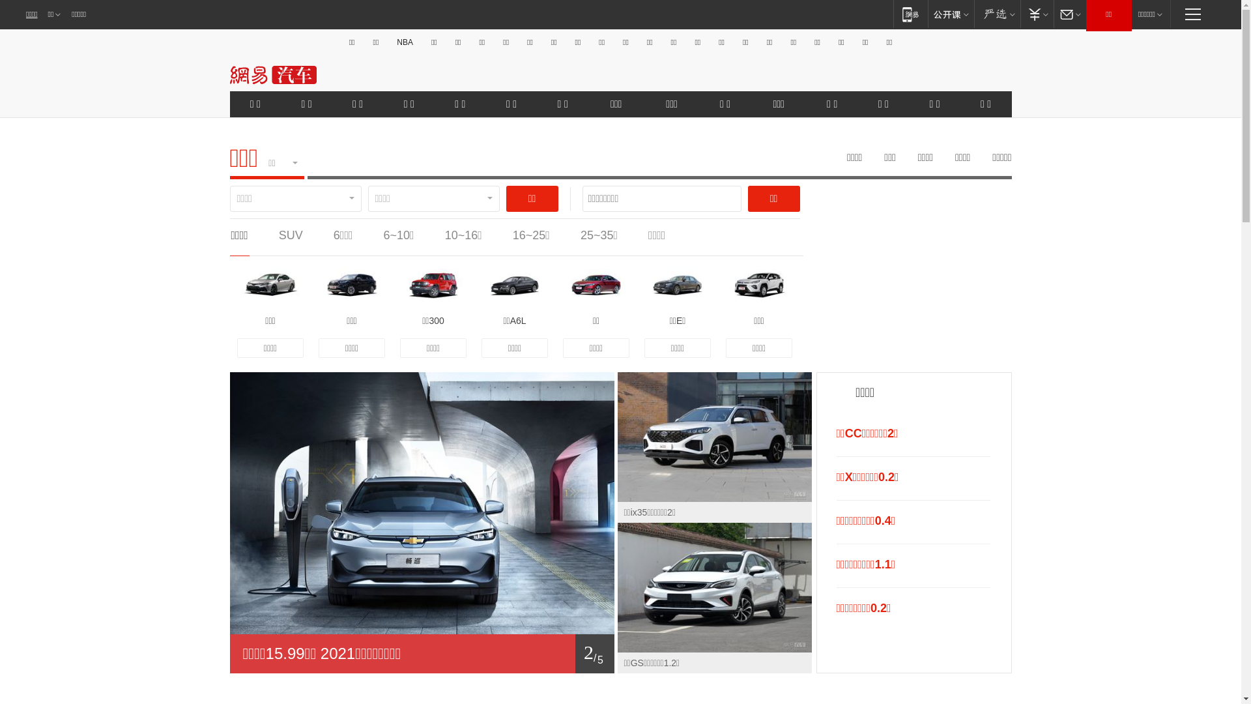  I want to click on 'SUV', so click(290, 235).